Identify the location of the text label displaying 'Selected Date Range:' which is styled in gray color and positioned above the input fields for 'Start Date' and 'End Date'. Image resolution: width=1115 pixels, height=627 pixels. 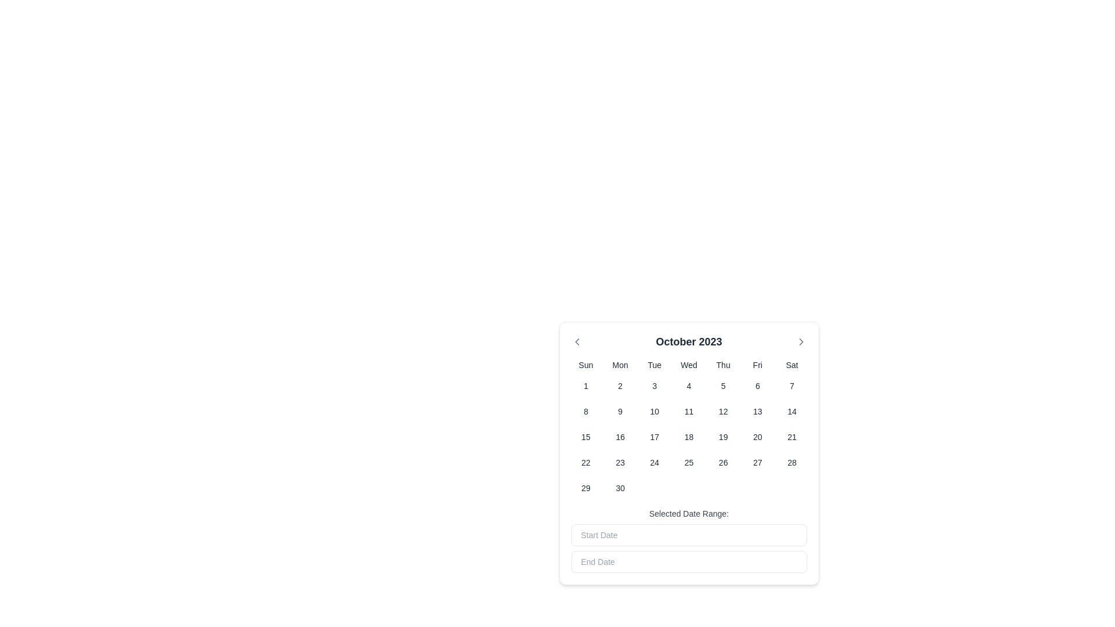
(689, 513).